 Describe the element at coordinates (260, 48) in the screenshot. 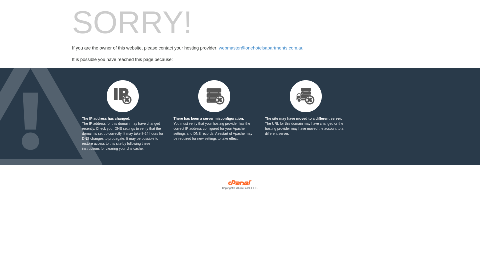

I see `'webmaster@onehotelsapartments.com.au'` at that location.